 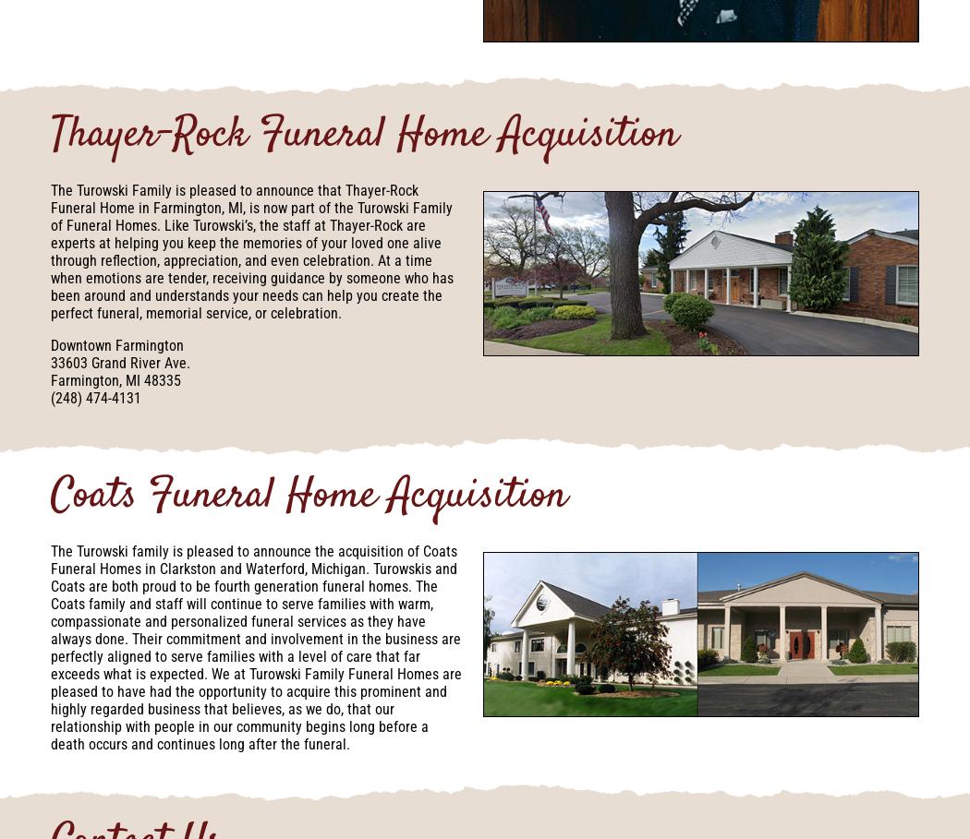 I want to click on 'Downtown Farmington', so click(x=116, y=344).